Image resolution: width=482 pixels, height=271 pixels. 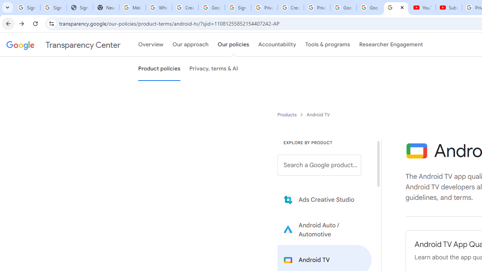 I want to click on 'Create your Google Account', so click(x=185, y=8).